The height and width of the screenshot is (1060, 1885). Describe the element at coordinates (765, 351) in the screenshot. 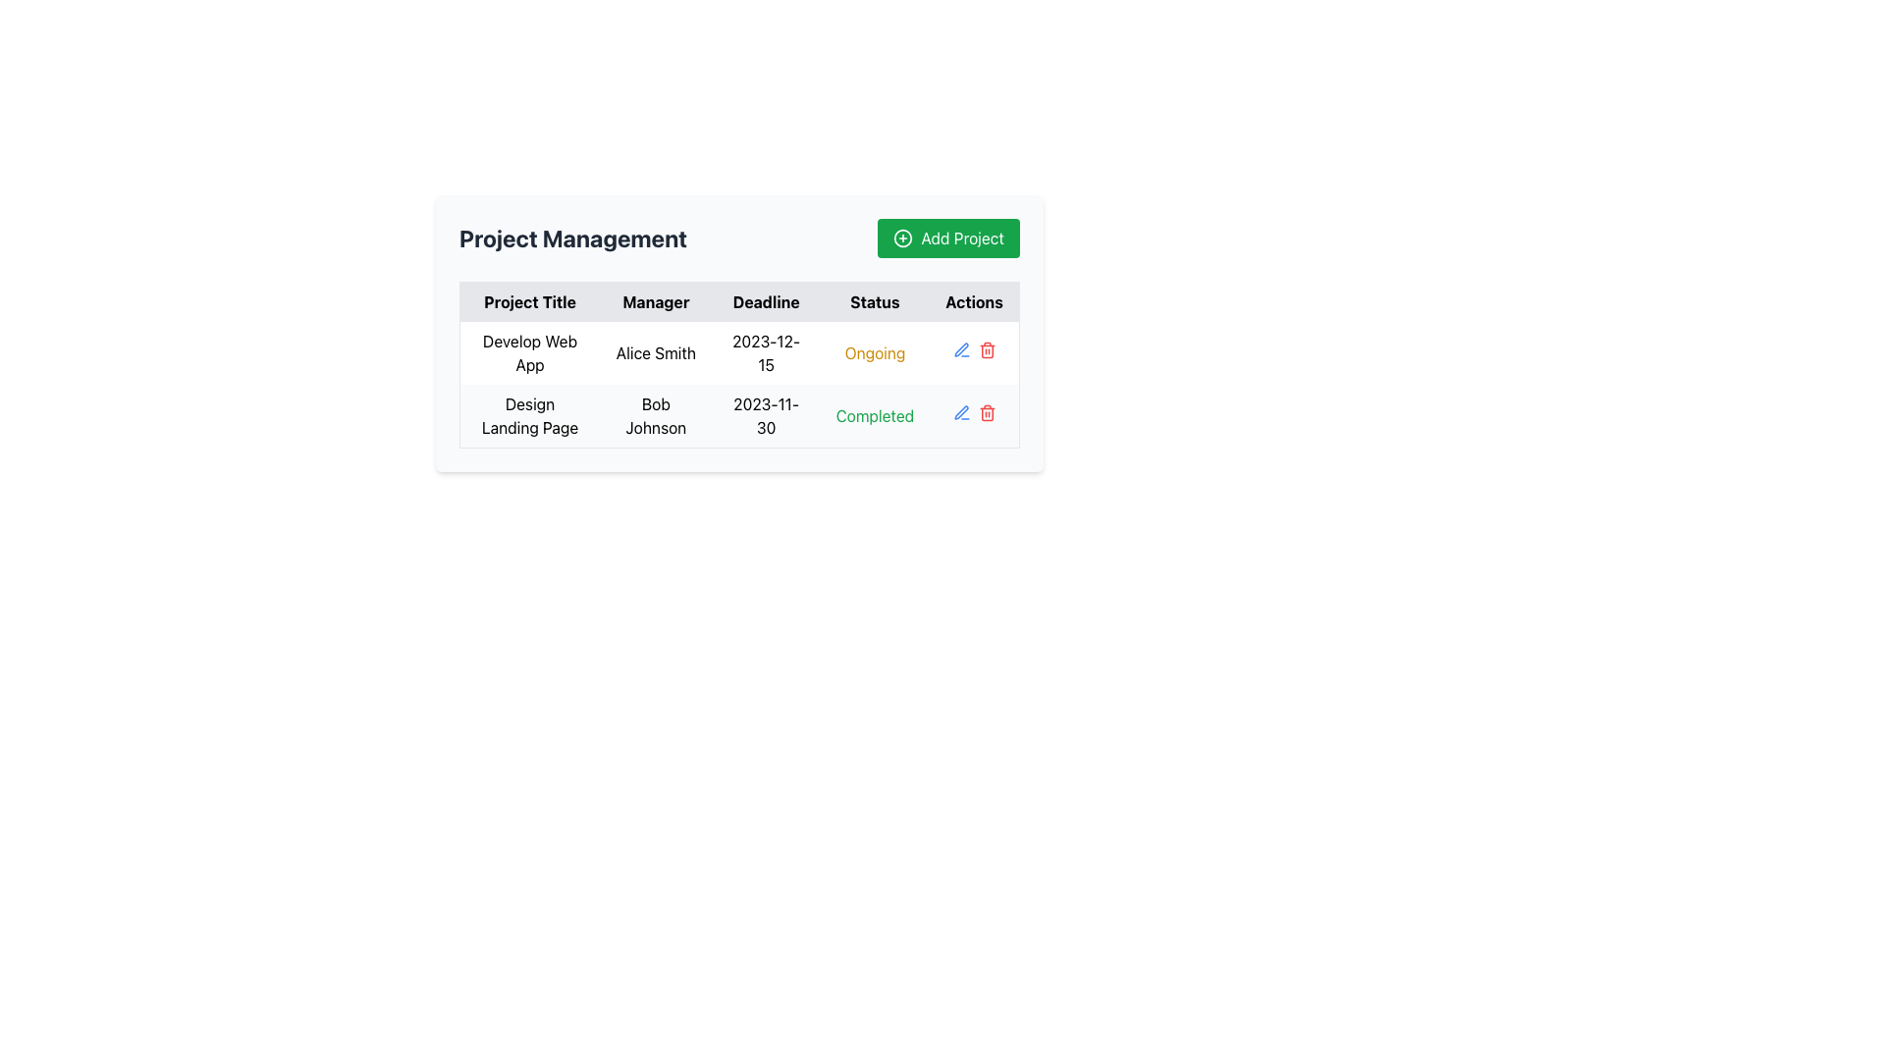

I see `the static text indicating the project deadline, located in the 'Deadline' column of the first row in the project's management table, between 'Manager' column with 'Alice Smith' and 'Status' column with 'Ongoing'` at that location.